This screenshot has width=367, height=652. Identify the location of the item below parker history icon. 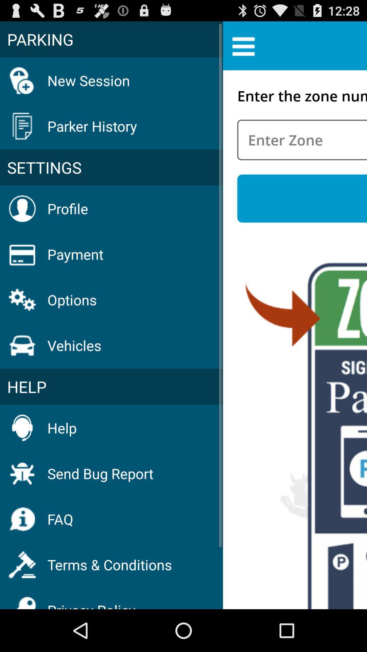
(111, 167).